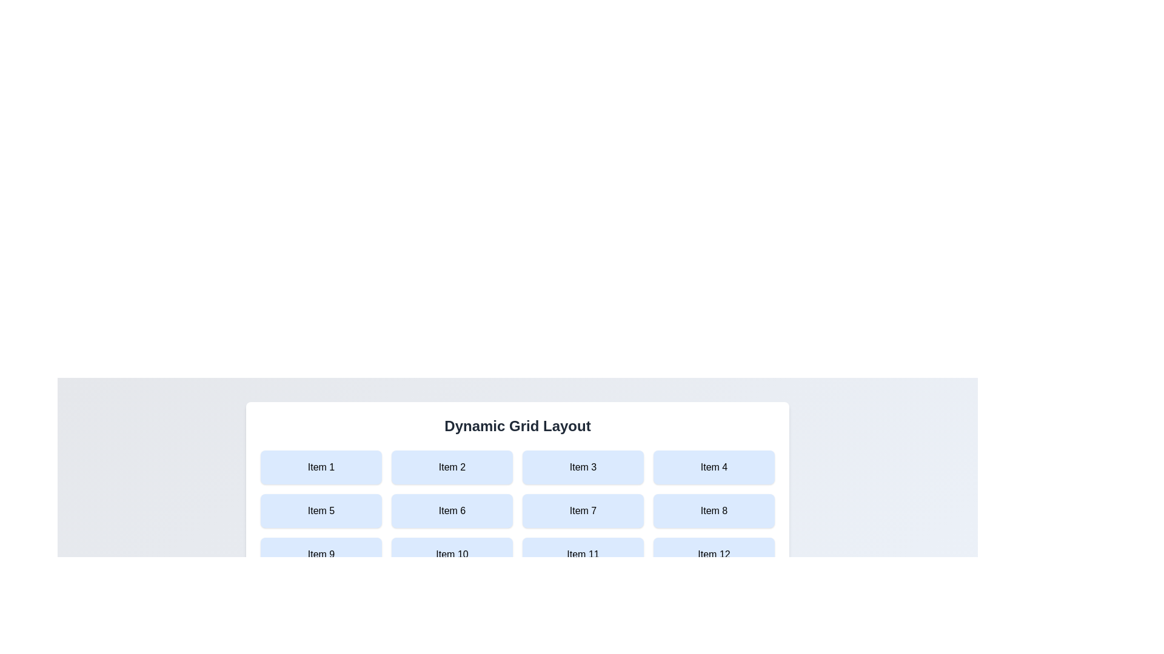  What do you see at coordinates (321, 466) in the screenshot?
I see `the first button in the grid layout, which is located at the top-left corner` at bounding box center [321, 466].